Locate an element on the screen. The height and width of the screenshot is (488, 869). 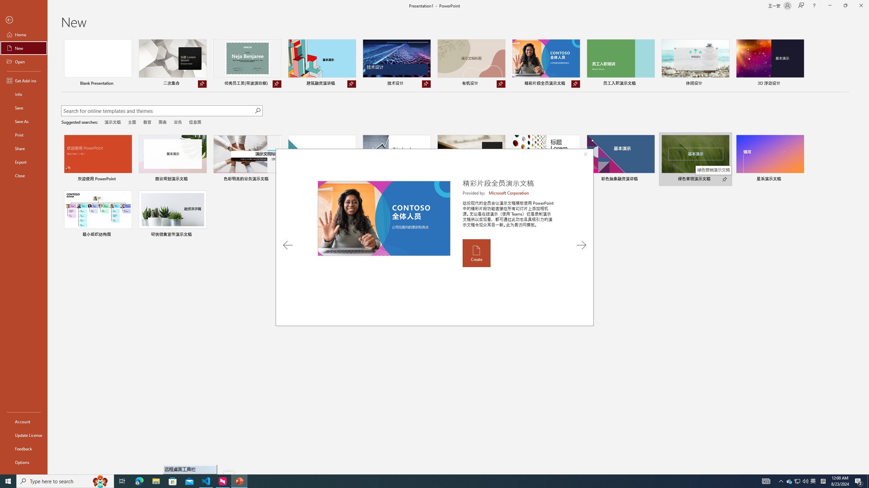
'Next Template' is located at coordinates (581, 245).